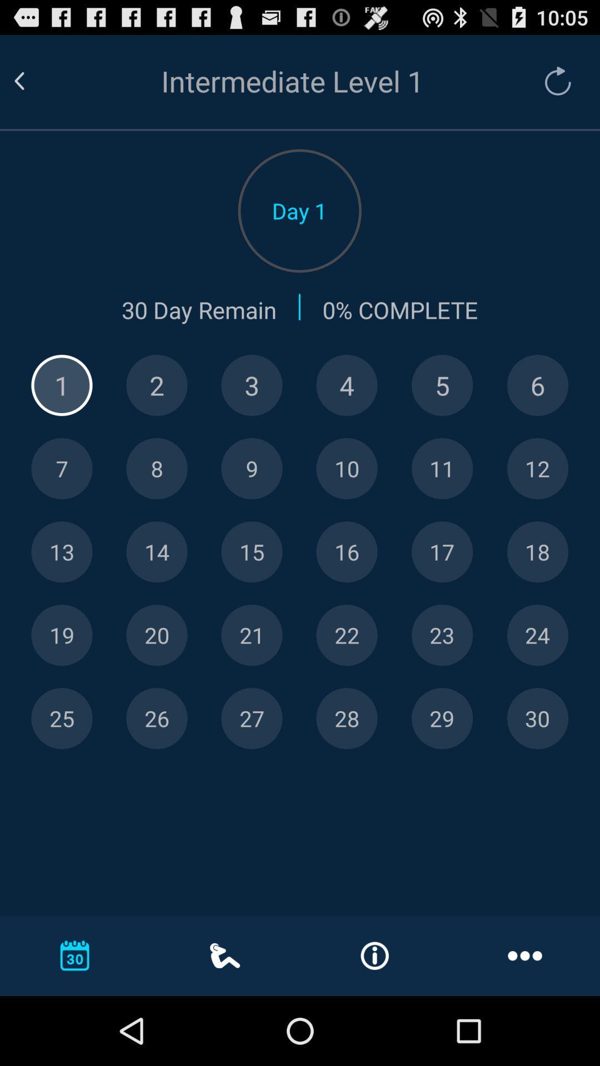 This screenshot has width=600, height=1066. What do you see at coordinates (157, 469) in the screenshot?
I see `choose day` at bounding box center [157, 469].